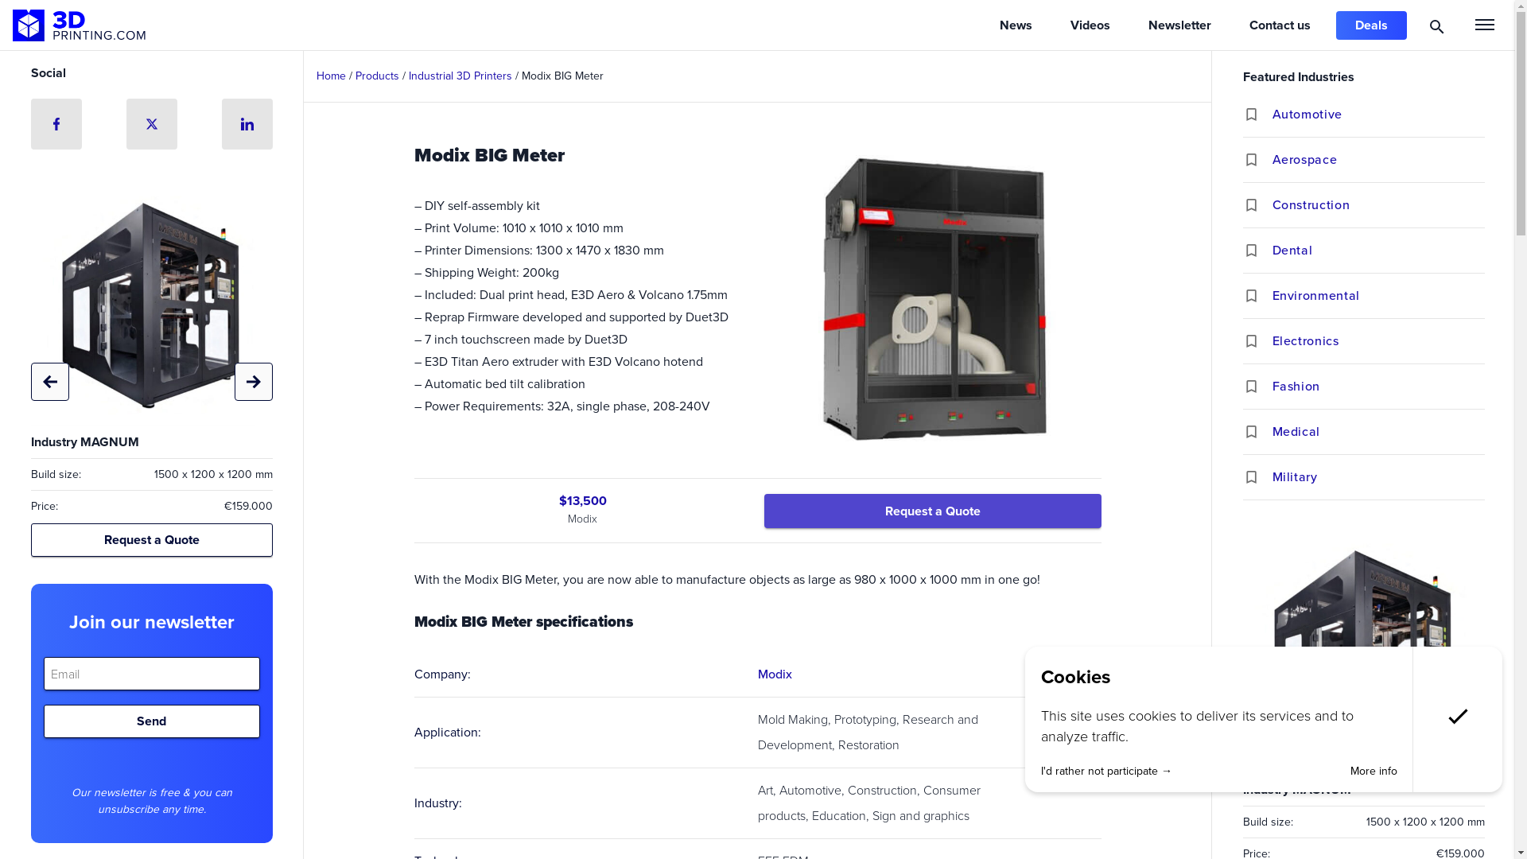 This screenshot has width=1527, height=859. Describe the element at coordinates (931, 510) in the screenshot. I see `'Request a Quote'` at that location.